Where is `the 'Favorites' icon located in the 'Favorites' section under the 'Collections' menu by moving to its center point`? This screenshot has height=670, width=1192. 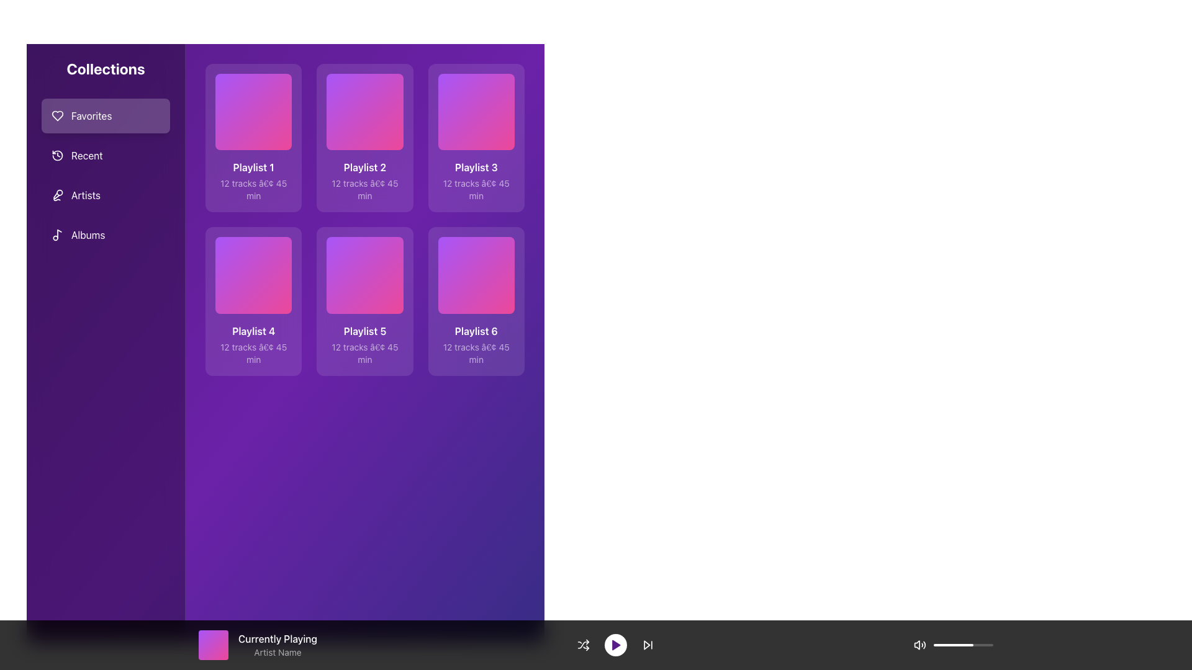 the 'Favorites' icon located in the 'Favorites' section under the 'Collections' menu by moving to its center point is located at coordinates (56, 115).